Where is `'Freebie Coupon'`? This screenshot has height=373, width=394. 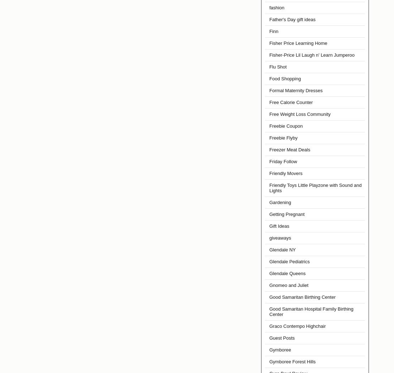 'Freebie Coupon' is located at coordinates (286, 126).